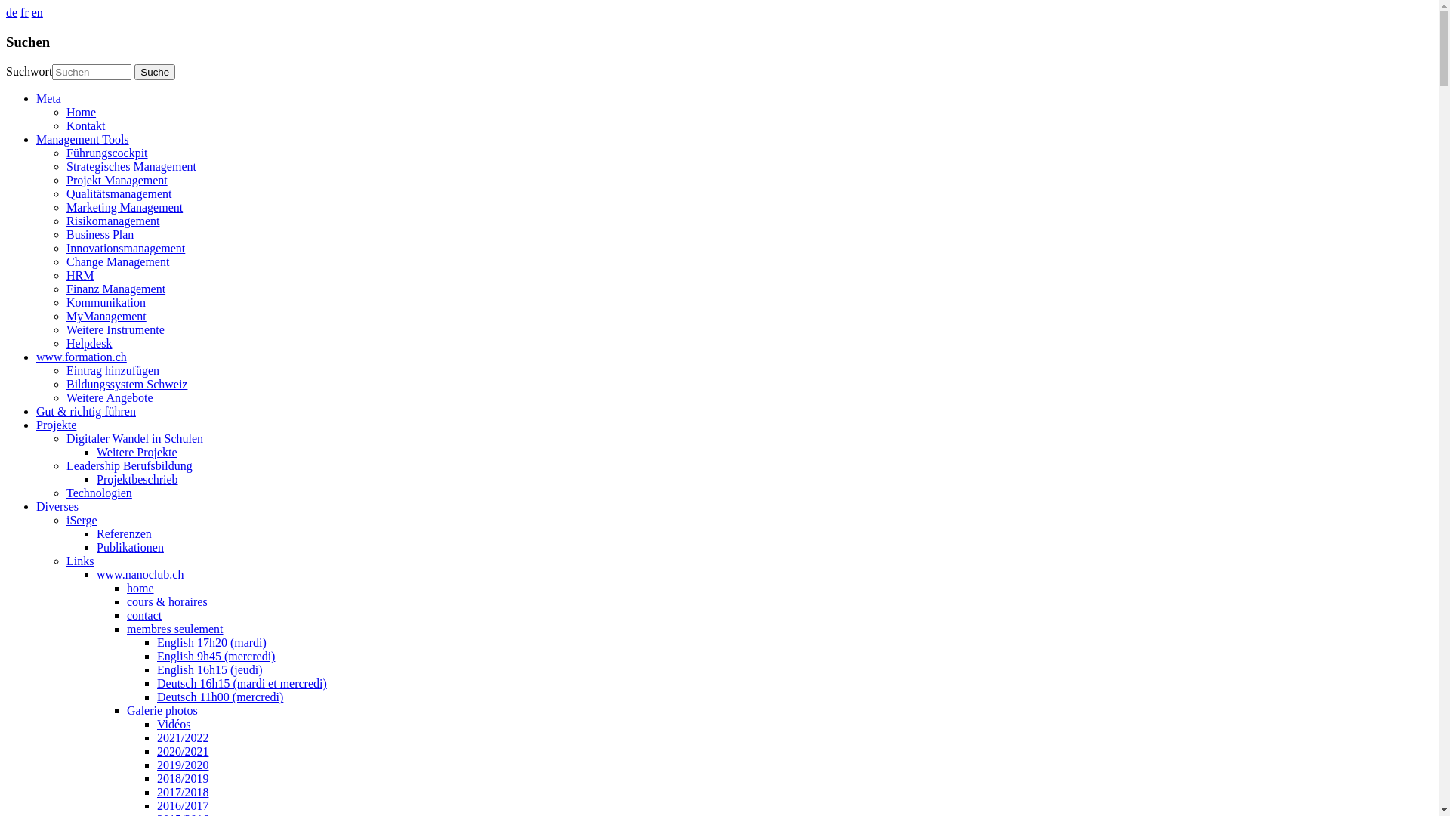  Describe the element at coordinates (137, 479) in the screenshot. I see `'Projektbeschrieb'` at that location.